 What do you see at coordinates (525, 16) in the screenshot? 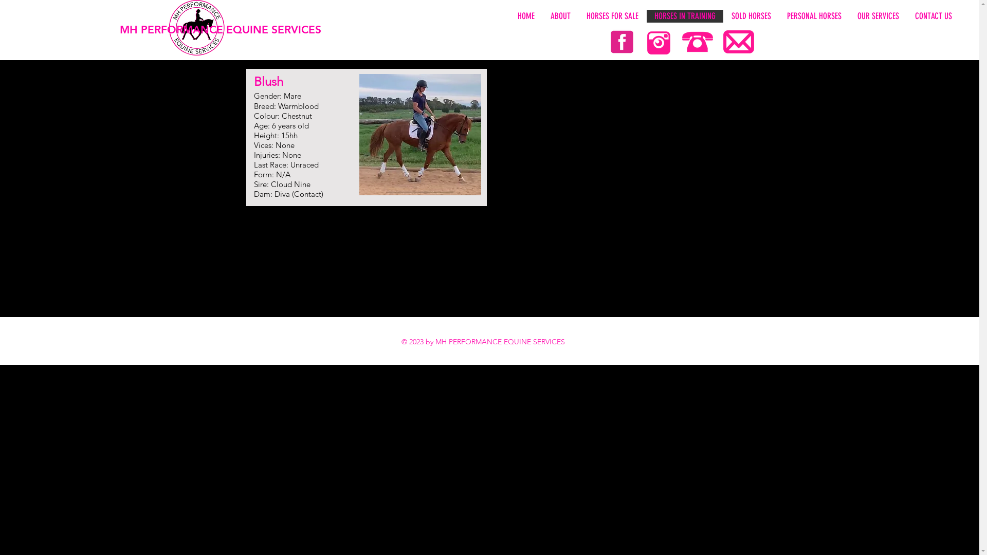
I see `'HOME'` at bounding box center [525, 16].